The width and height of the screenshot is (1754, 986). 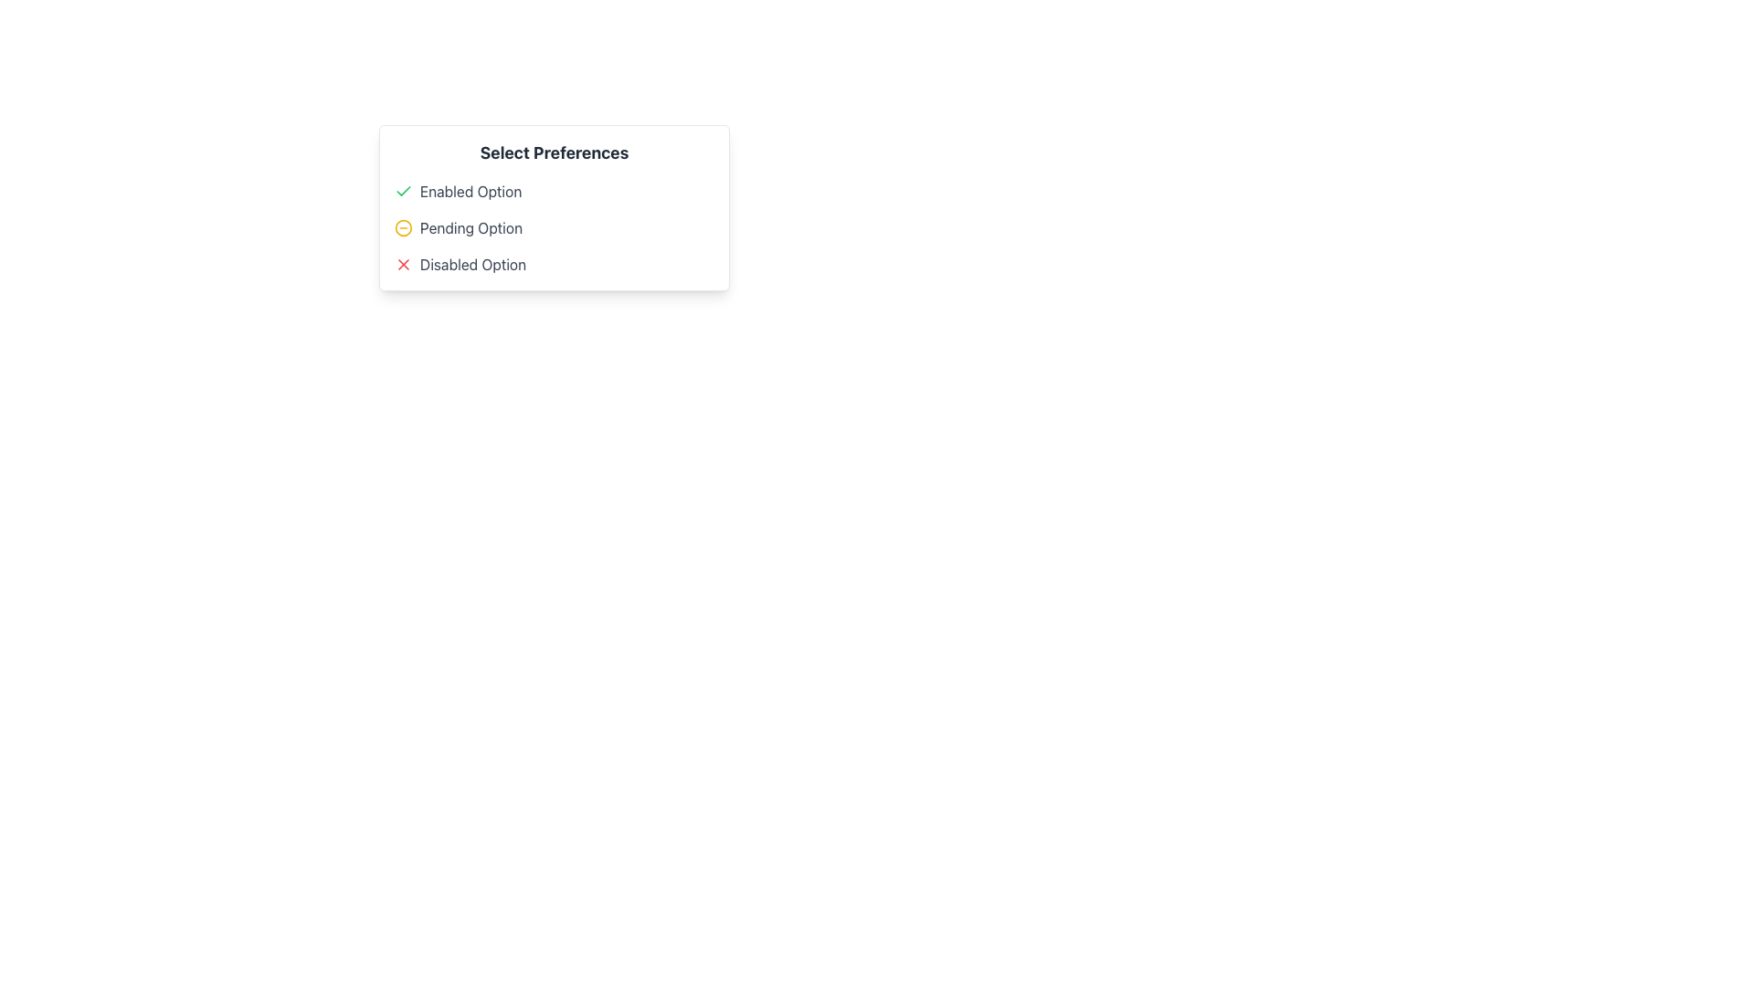 I want to click on the icon representing the disabled status of the associated option in the 'Select Preferences' box, located to the left of the text 'Disabled Option' in the third row, so click(x=402, y=264).